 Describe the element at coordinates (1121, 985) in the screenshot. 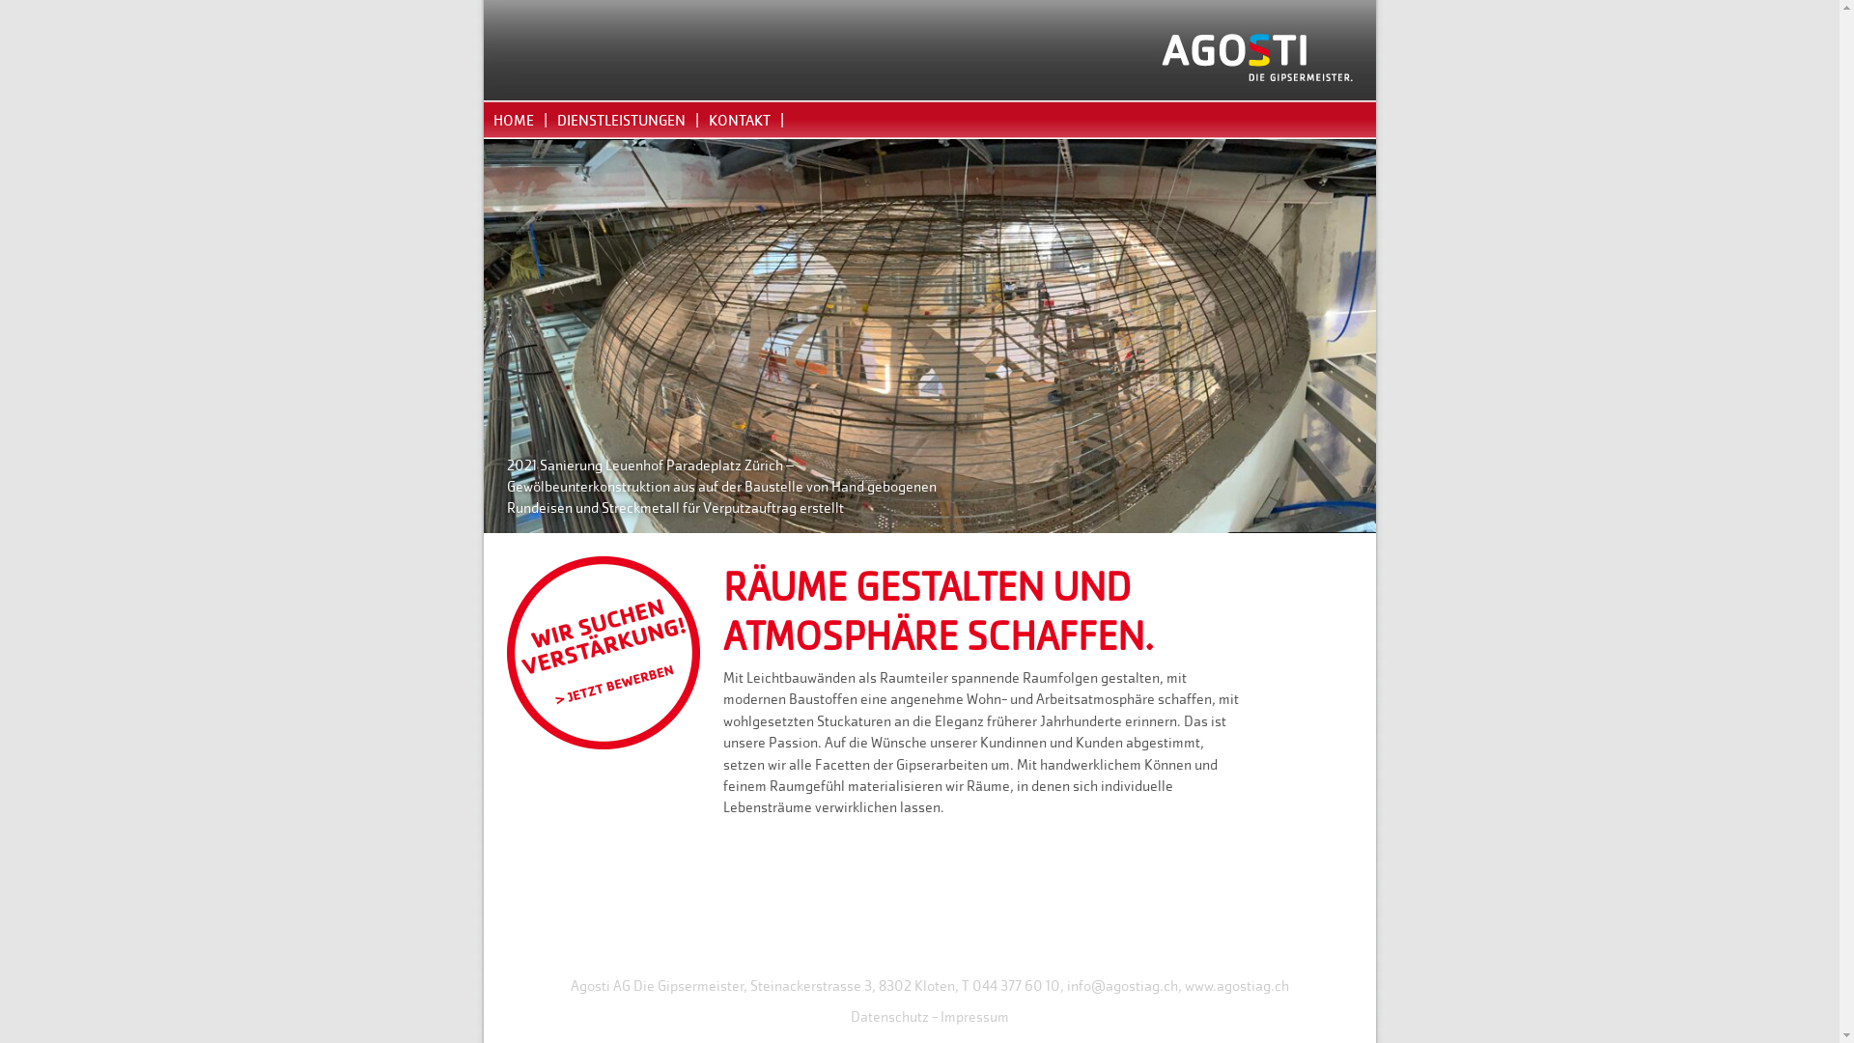

I see `'info@agostiag.ch'` at that location.